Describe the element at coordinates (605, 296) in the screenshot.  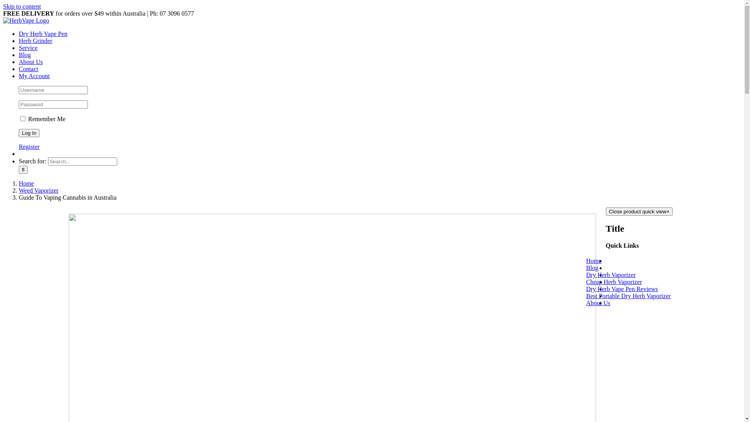
I see `'Best Portable Dry Herb Vaporizer'` at that location.